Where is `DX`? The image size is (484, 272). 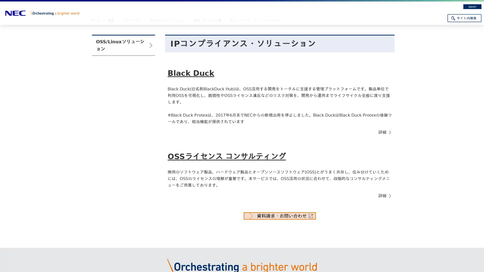
DX is located at coordinates (289, 18).